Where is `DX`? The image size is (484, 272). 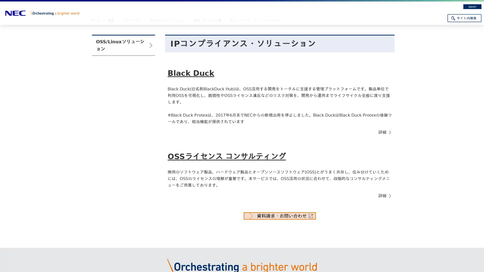
DX is located at coordinates (289, 18).